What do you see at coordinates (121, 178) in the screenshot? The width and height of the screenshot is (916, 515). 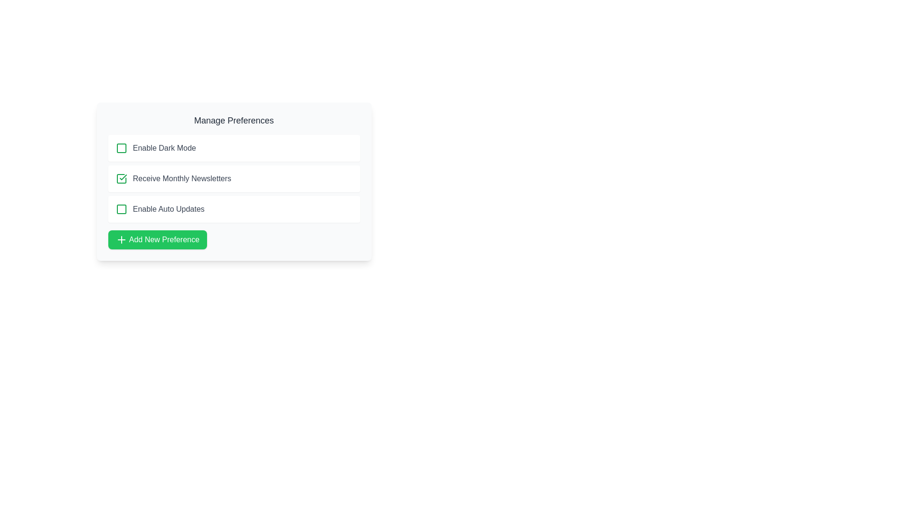 I see `the checked checkbox with a green outline` at bounding box center [121, 178].